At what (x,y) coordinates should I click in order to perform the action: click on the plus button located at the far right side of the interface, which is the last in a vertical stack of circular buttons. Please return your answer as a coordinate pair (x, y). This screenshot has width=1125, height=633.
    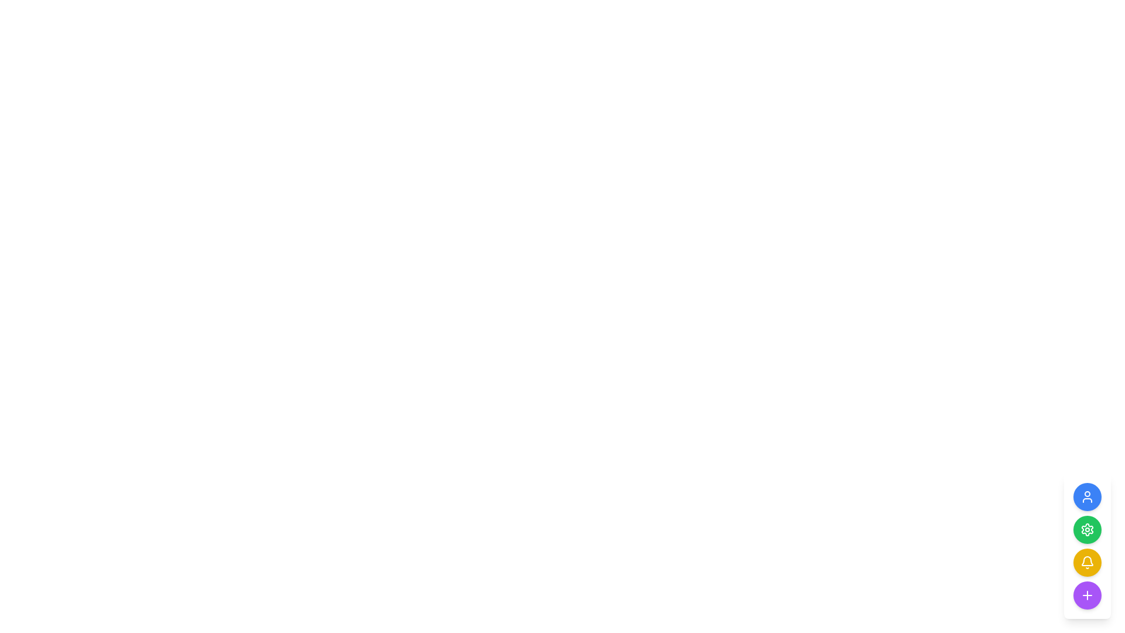
    Looking at the image, I should click on (1087, 595).